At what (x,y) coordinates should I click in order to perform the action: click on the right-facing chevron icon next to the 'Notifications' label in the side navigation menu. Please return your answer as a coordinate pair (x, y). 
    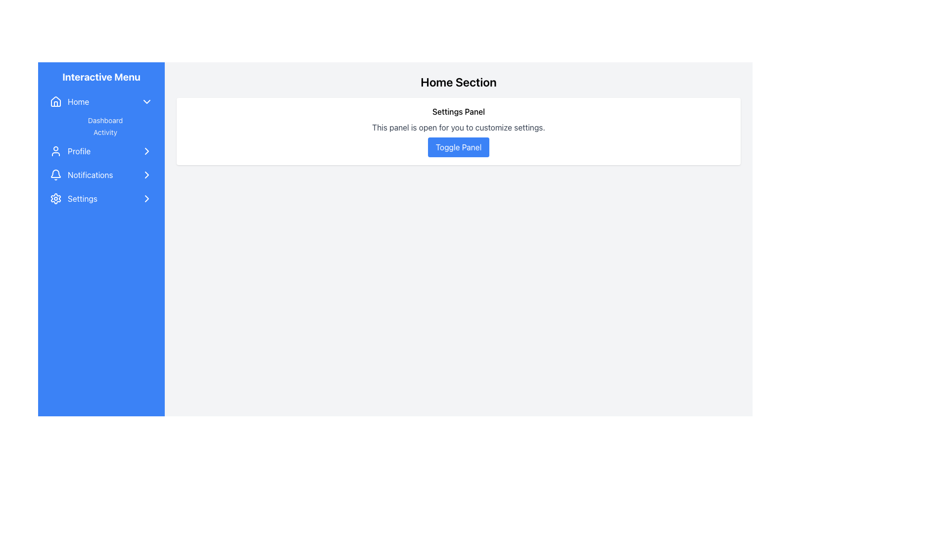
    Looking at the image, I should click on (146, 175).